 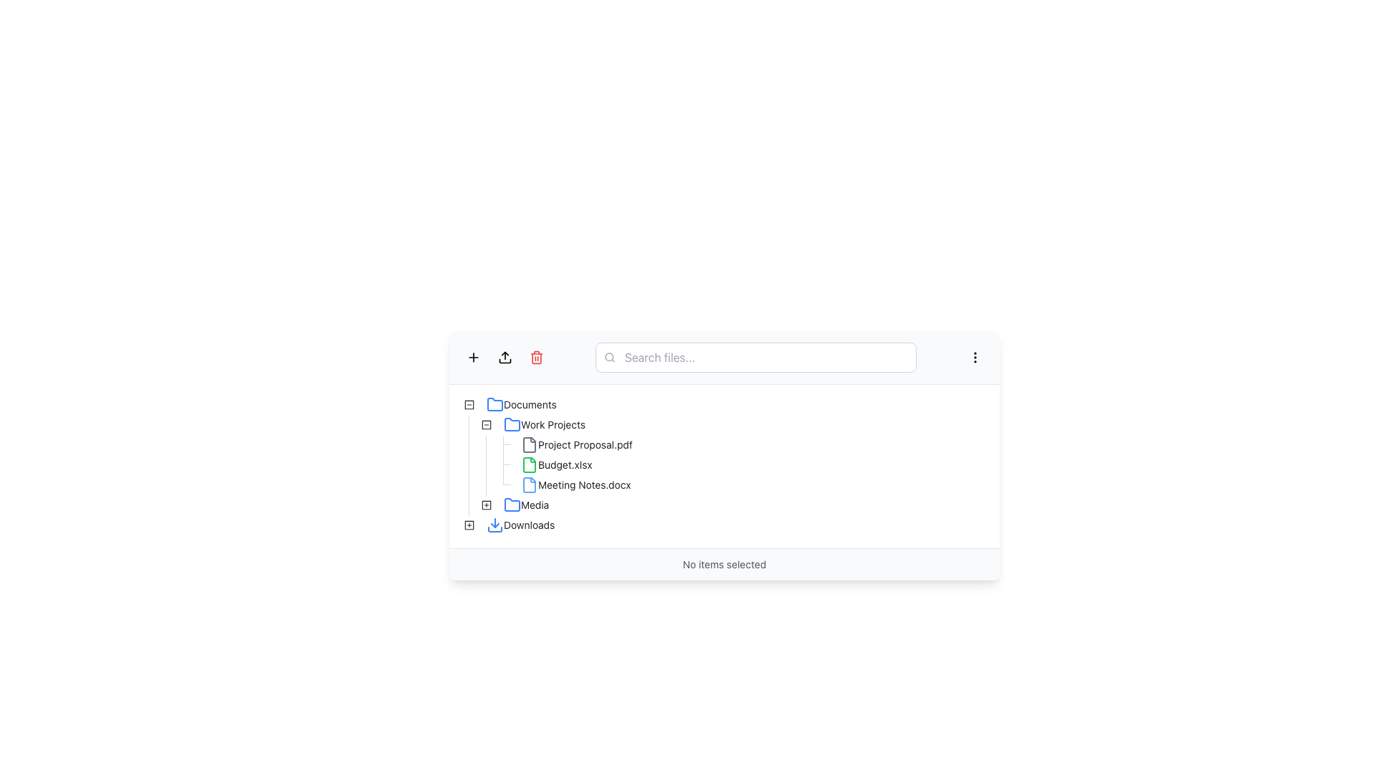 I want to click on the triangular-shaped tree switcher indicator located to the left of 'Meeting Notes.docx' in the 'Work Projects' section of the hierarchical navigation UI, so click(x=503, y=484).